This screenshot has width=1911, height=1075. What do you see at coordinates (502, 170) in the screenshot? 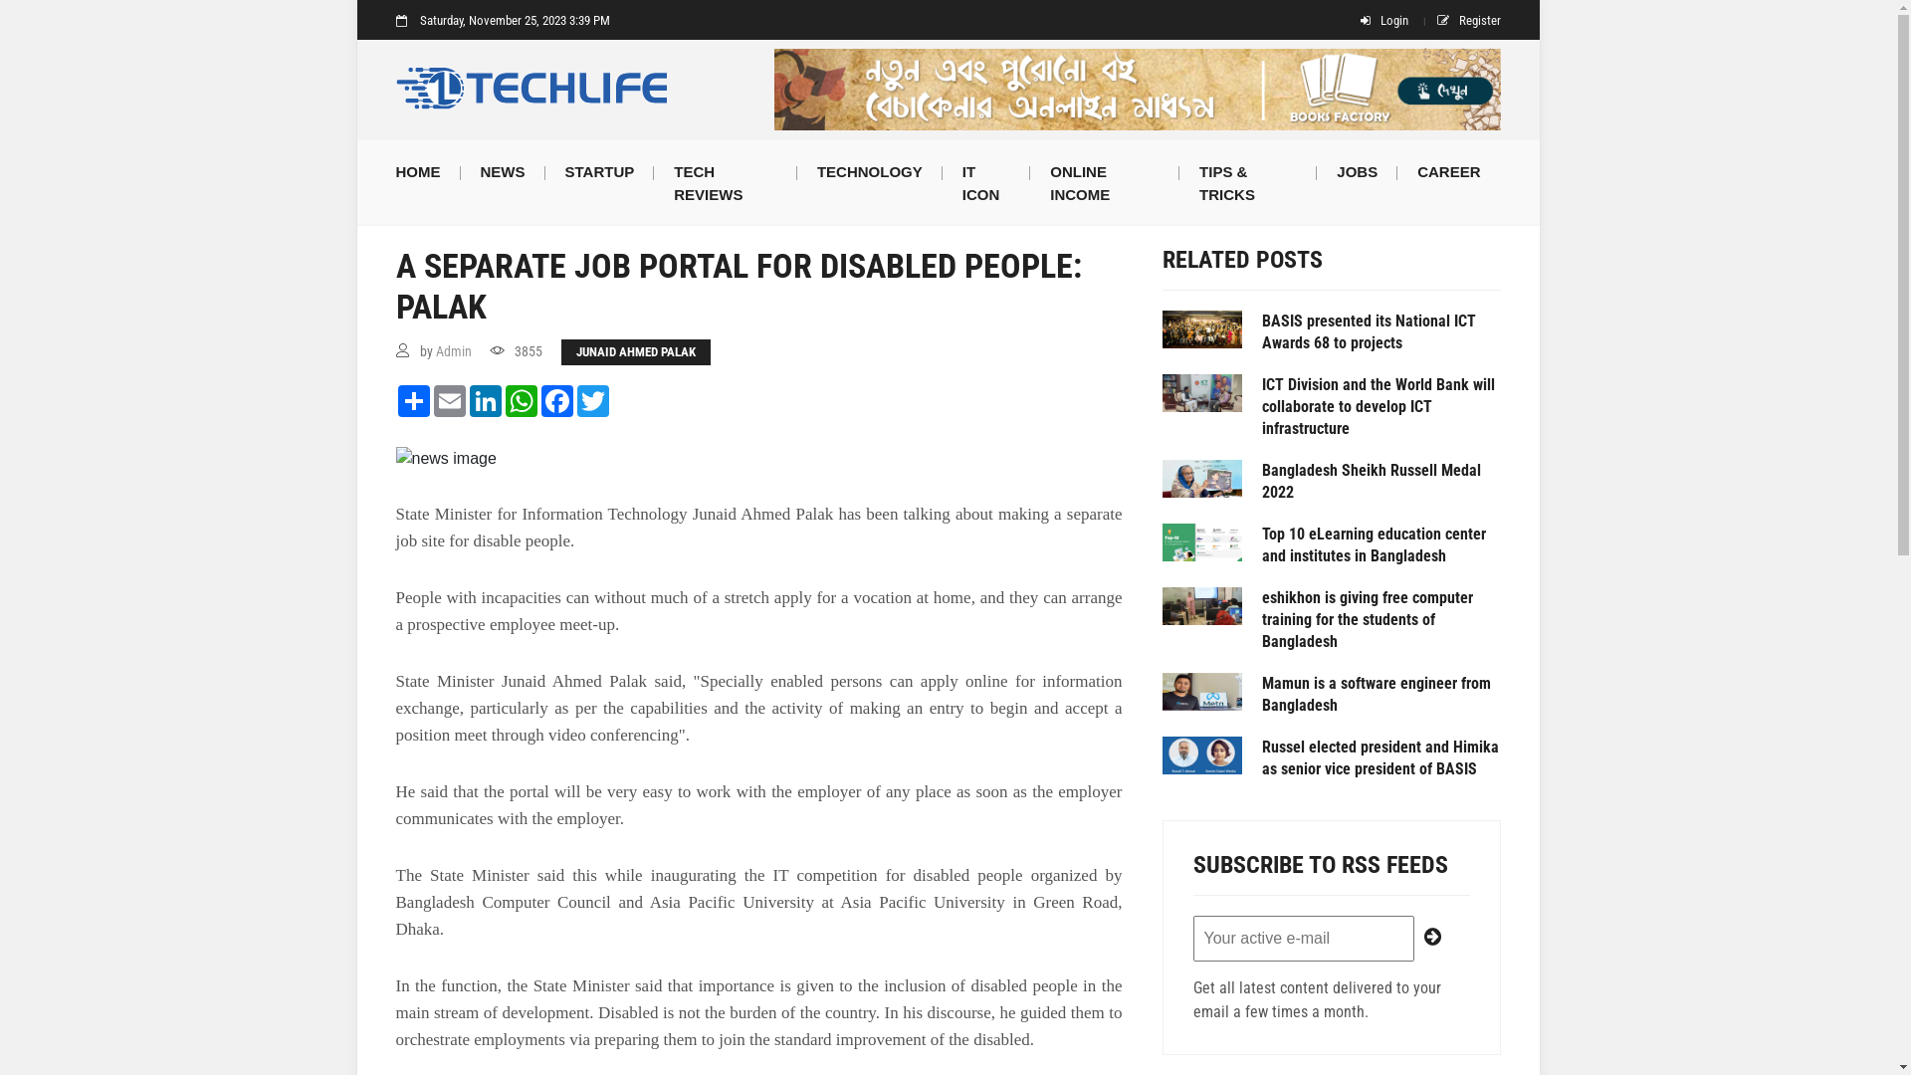
I see `'NEWS'` at bounding box center [502, 170].